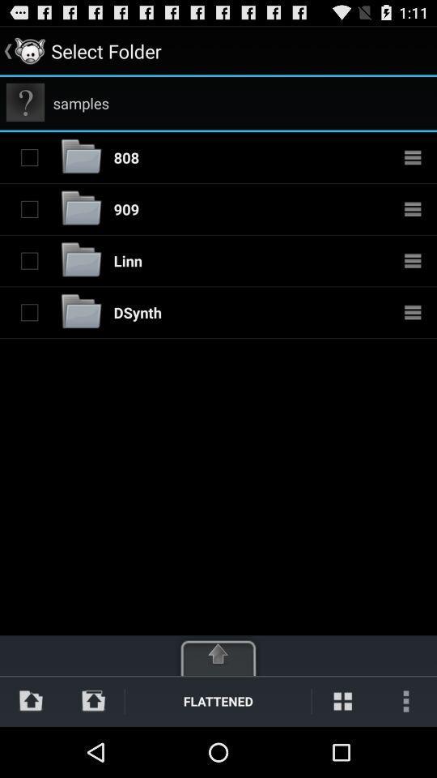  What do you see at coordinates (125, 157) in the screenshot?
I see `808 item` at bounding box center [125, 157].